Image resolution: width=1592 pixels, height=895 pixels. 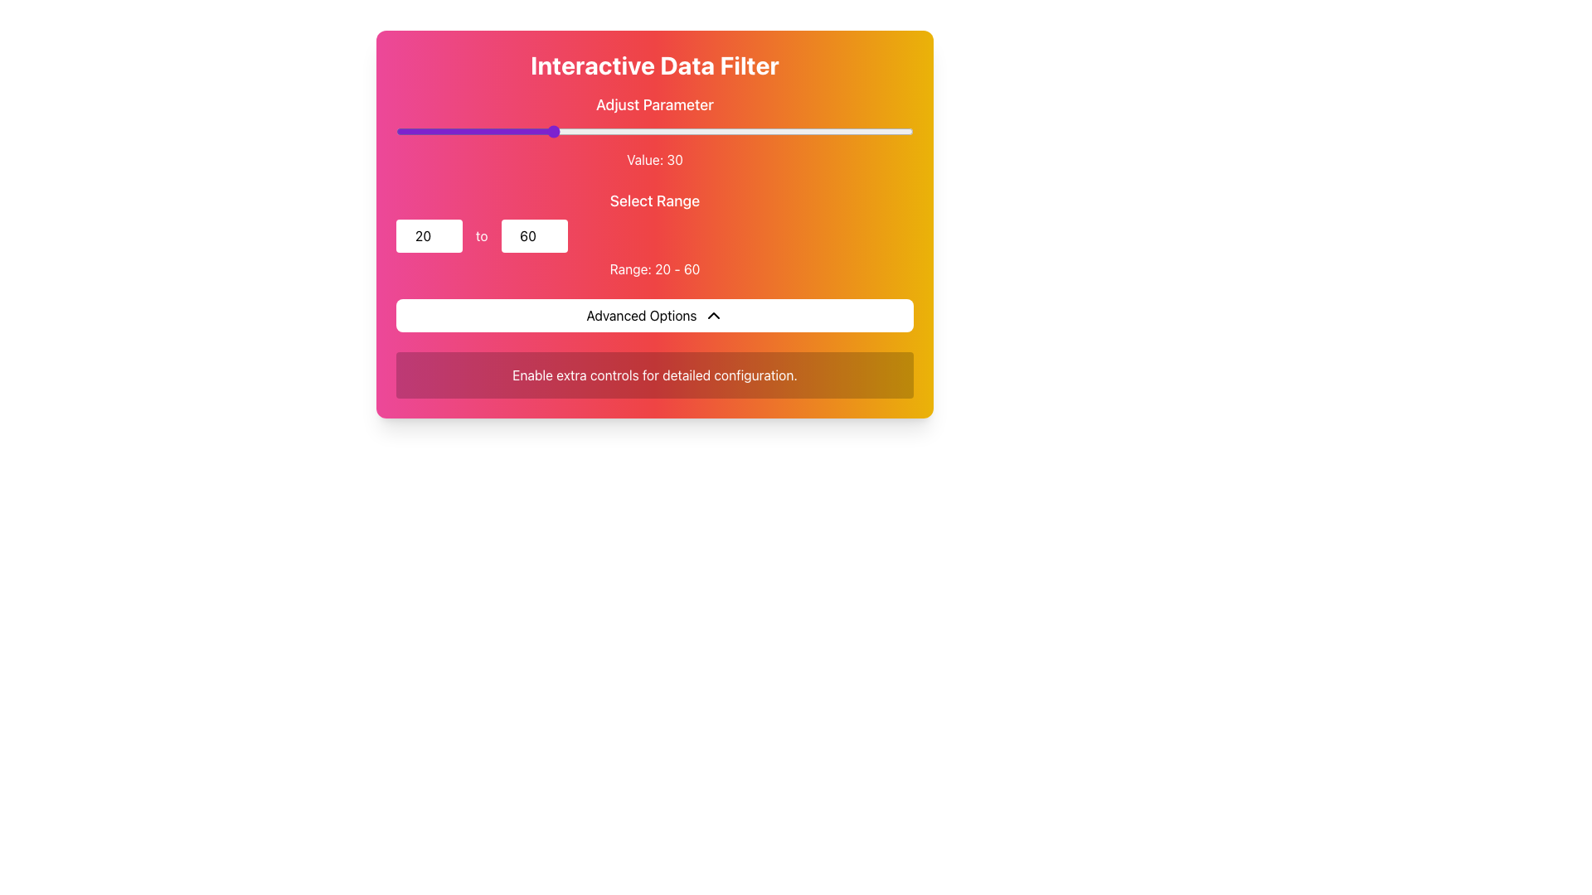 I want to click on the parameter, so click(x=504, y=130).